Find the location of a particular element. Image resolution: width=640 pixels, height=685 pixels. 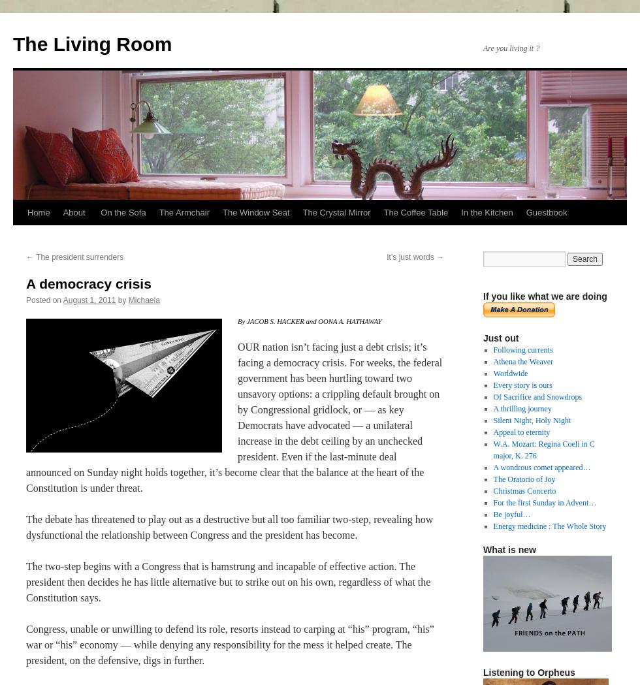

'Silent Night, Holy Night' is located at coordinates (532, 420).